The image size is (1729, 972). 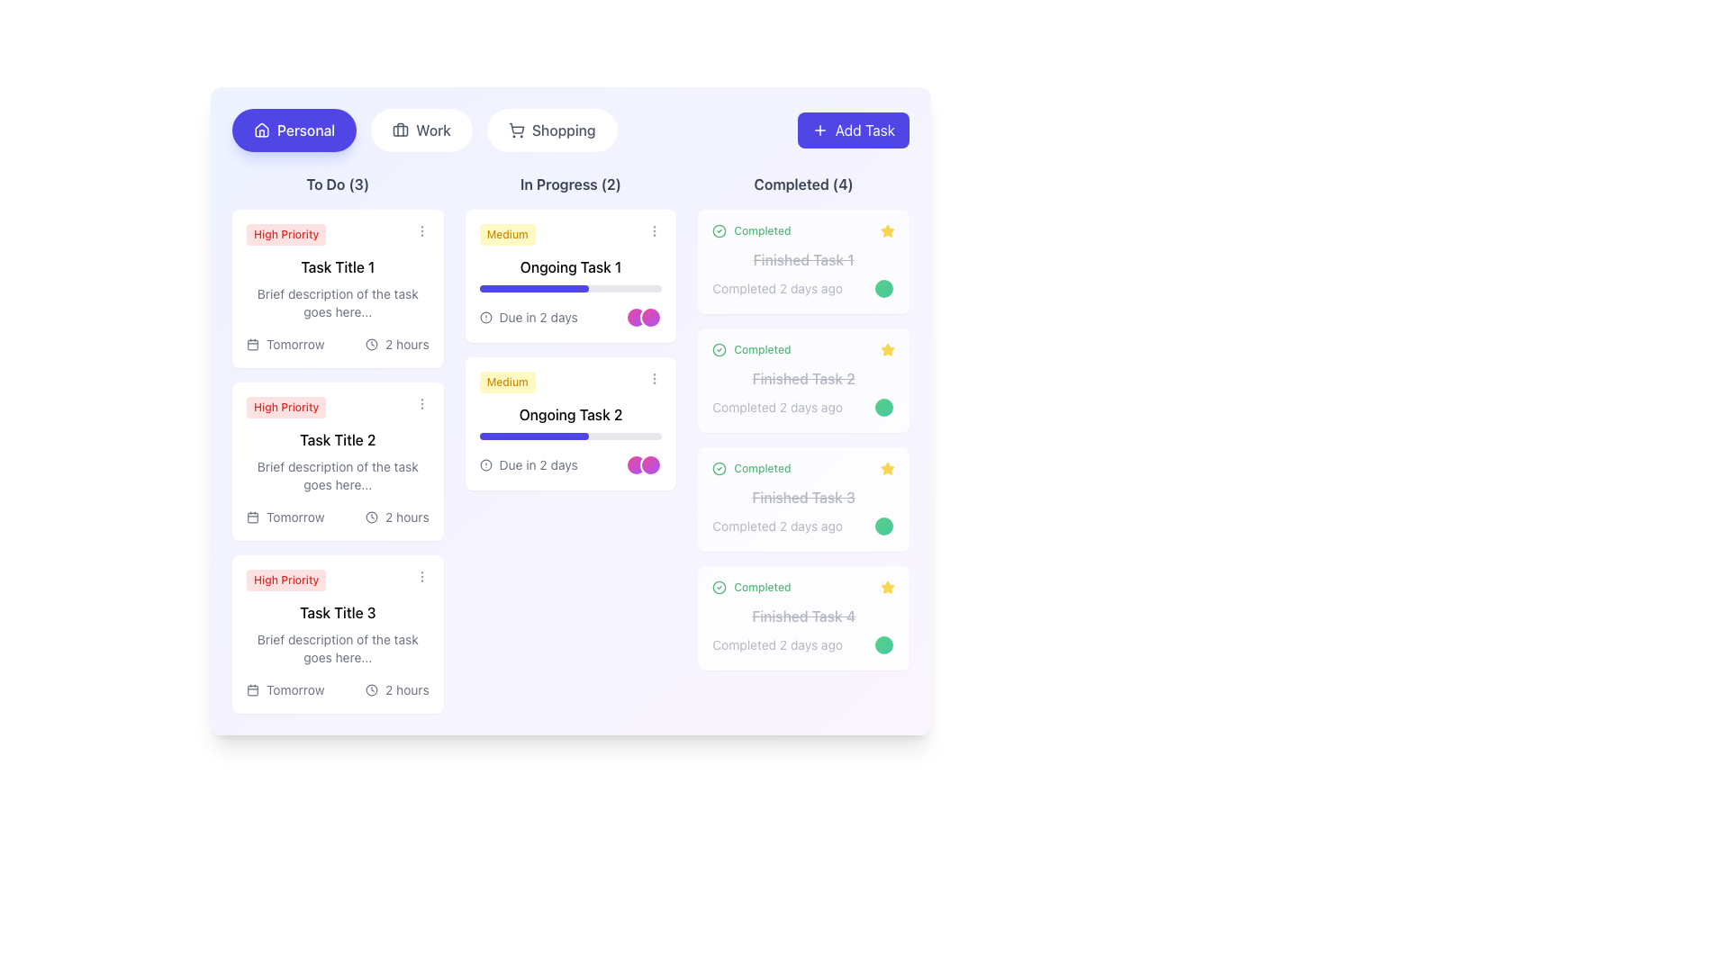 What do you see at coordinates (719, 587) in the screenshot?
I see `the status indicated by the completion icon located in the 'Completed' column next to 'Completed Finished Task 1'` at bounding box center [719, 587].